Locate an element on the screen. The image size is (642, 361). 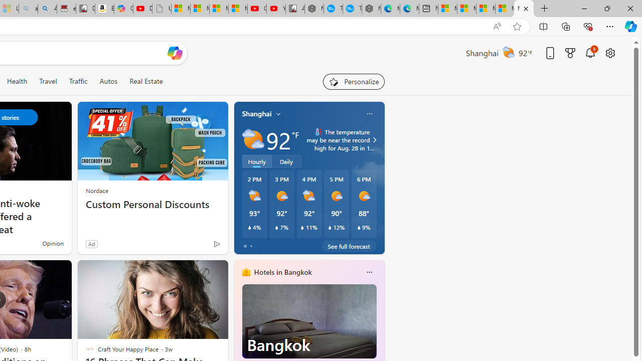
'Autos' is located at coordinates (108, 81).